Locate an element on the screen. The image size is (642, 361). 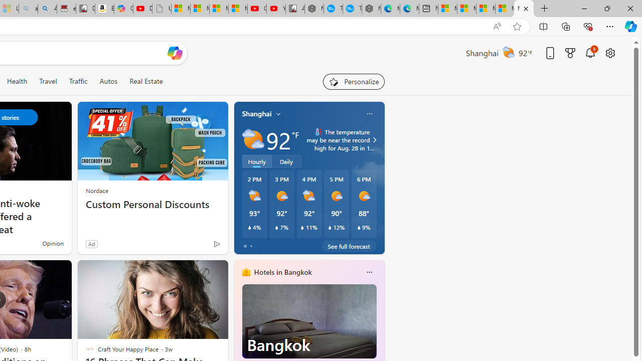
'Autos' is located at coordinates (108, 81).